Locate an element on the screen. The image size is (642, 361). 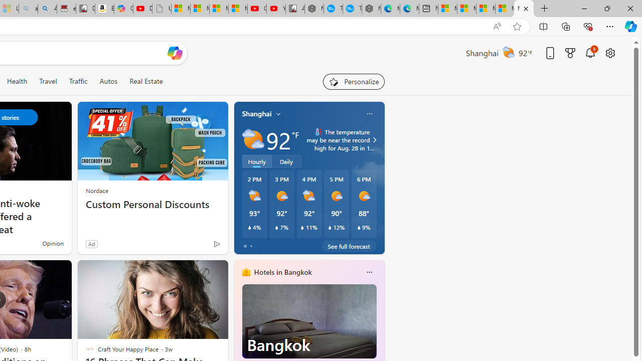
'Autos' is located at coordinates (108, 81).